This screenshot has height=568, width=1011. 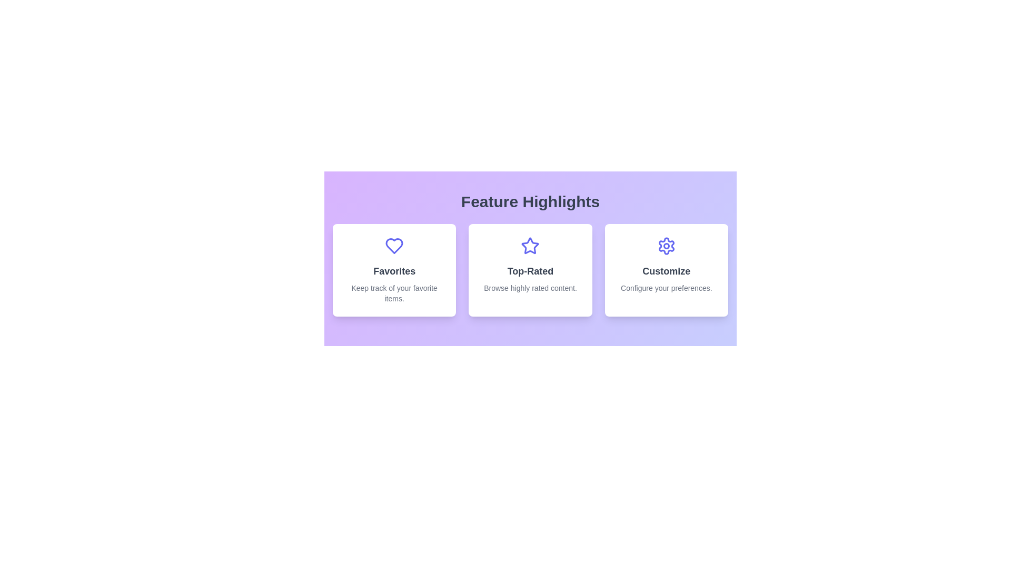 What do you see at coordinates (394, 246) in the screenshot?
I see `the 'Favorites' icon located at the top center of the 'Favorites' card, which visually represents the concept of 'Favorites'` at bounding box center [394, 246].